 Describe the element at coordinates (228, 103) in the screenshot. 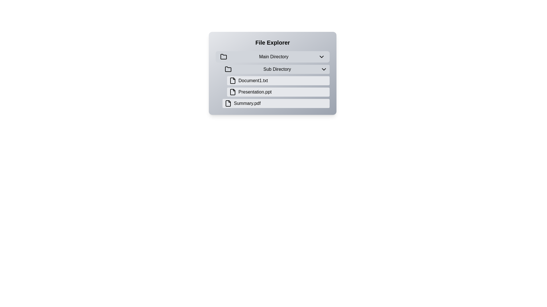

I see `the file icon representing 'Summary.pdf' in the file explorer UI` at that location.